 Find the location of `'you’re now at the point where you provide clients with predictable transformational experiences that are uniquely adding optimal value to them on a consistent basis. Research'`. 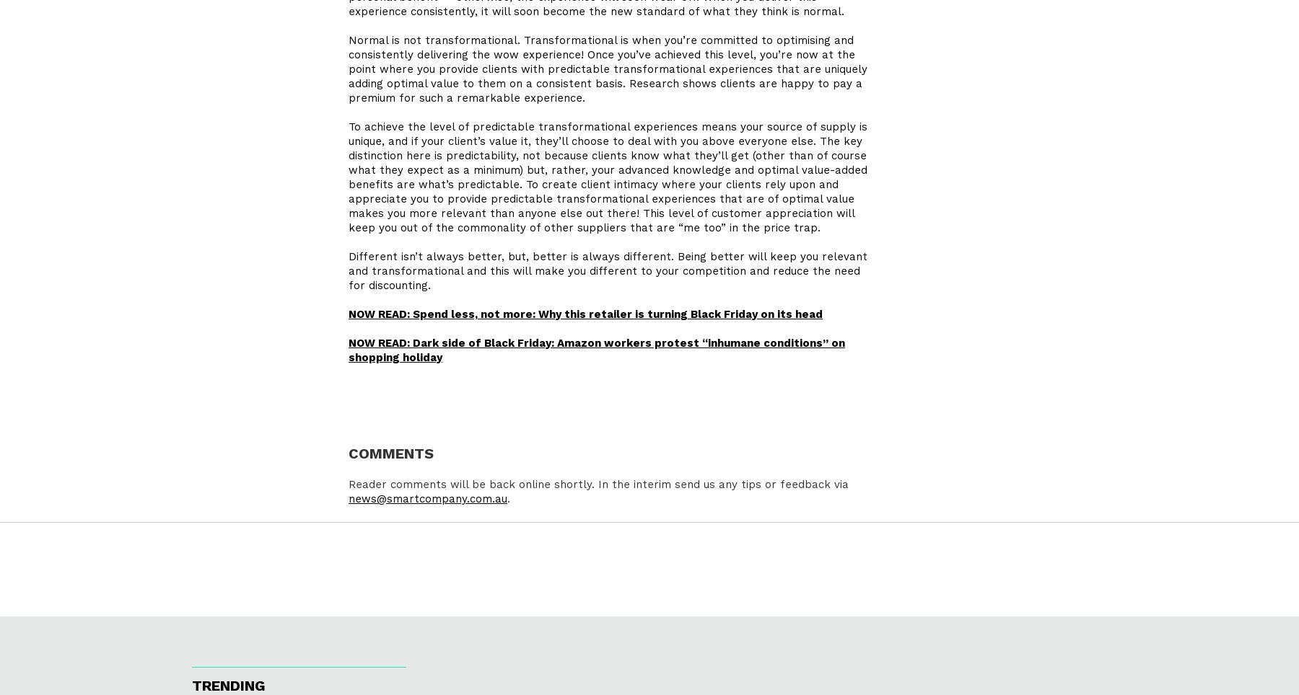

'you’re now at the point where you provide clients with predictable transformational experiences that are uniquely adding optimal value to them on a consistent basis. Research' is located at coordinates (347, 69).